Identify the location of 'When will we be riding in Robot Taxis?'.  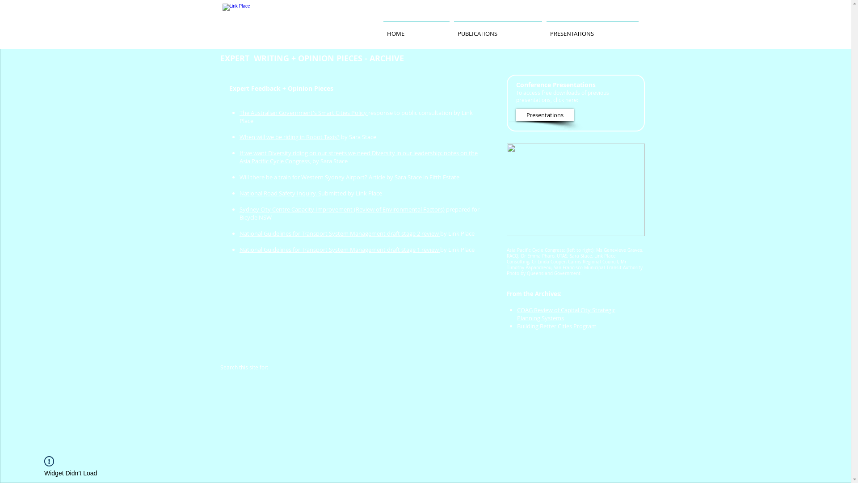
(240, 136).